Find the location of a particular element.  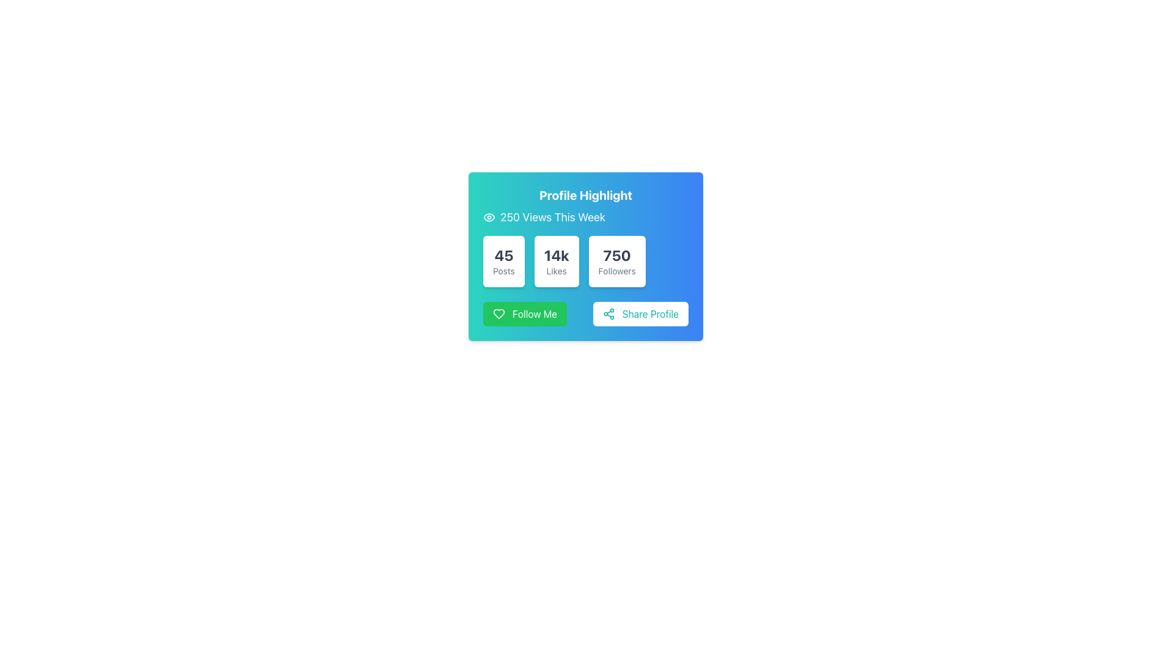

the visibility icon indicating the number of views on the profile, located in the upper section of the blue gradient card next to the text '250 Views This Week' is located at coordinates (489, 216).